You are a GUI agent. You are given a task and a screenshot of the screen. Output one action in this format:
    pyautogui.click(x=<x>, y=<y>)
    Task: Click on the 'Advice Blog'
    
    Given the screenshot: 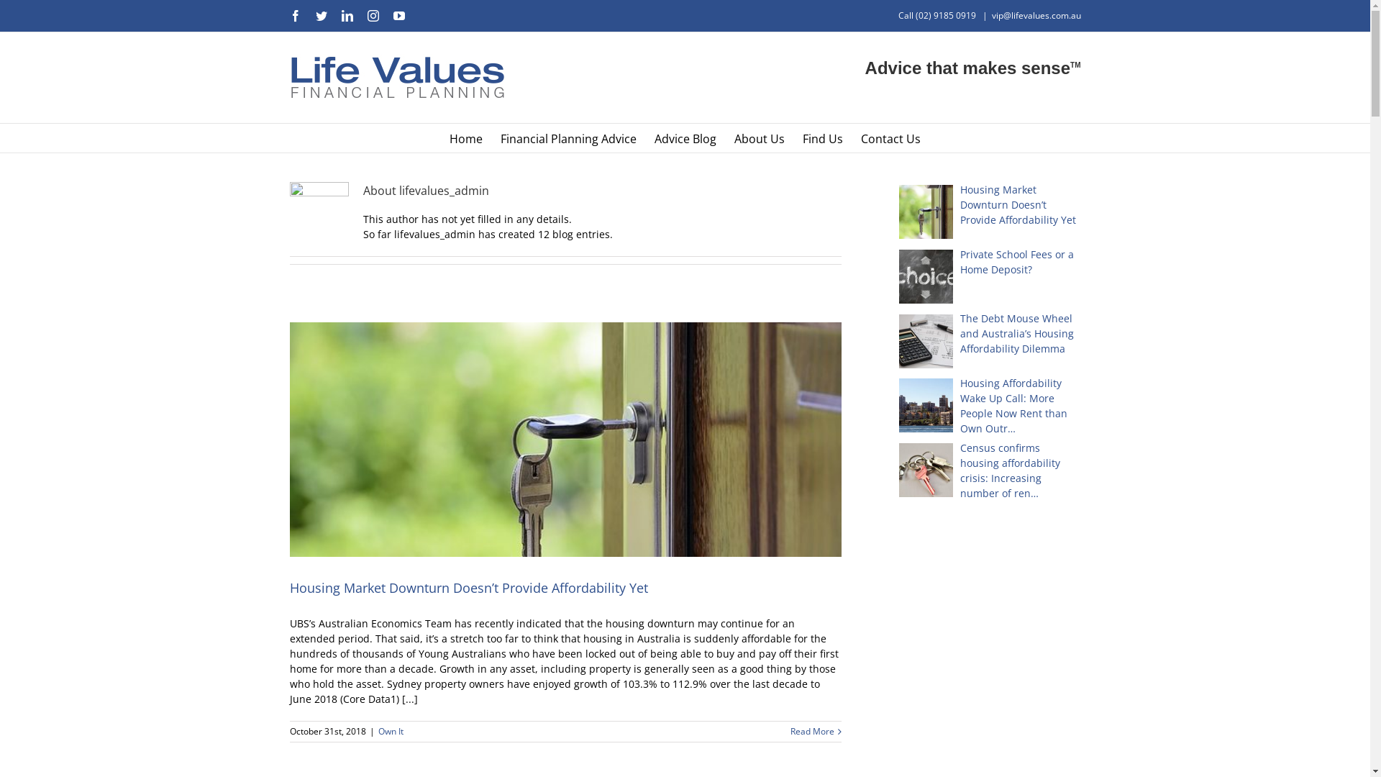 What is the action you would take?
    pyautogui.click(x=685, y=138)
    